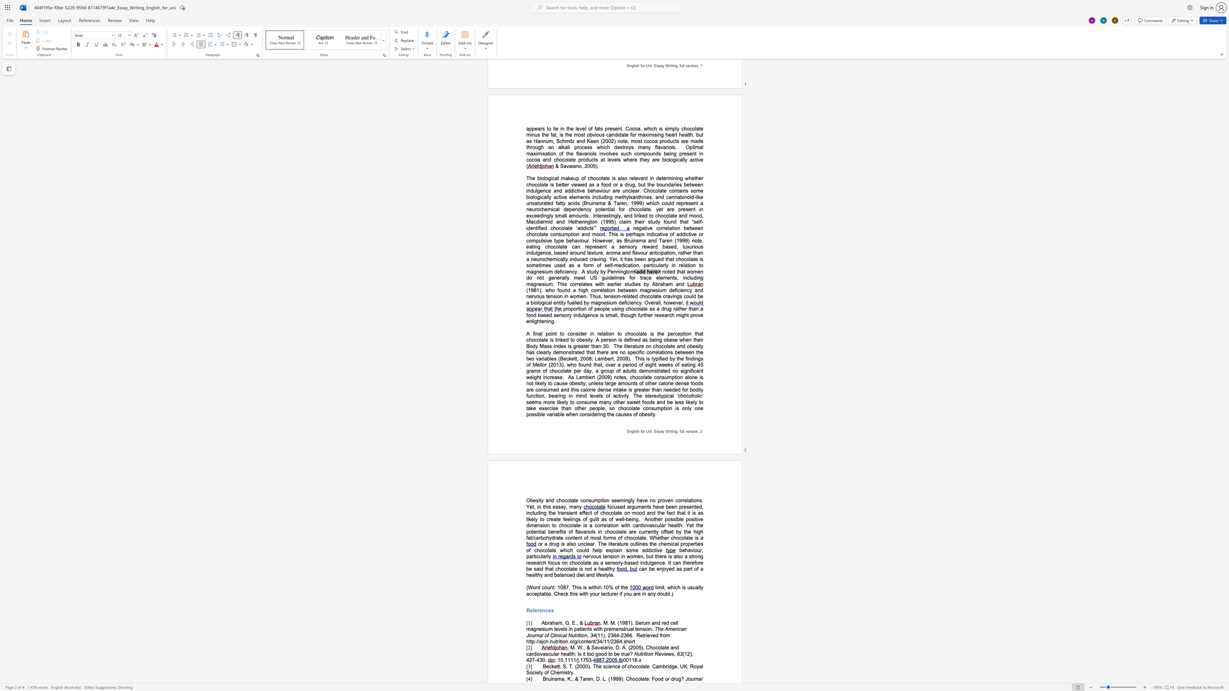  I want to click on the space between the continuous character "o" and "u" in the text, so click(546, 587).